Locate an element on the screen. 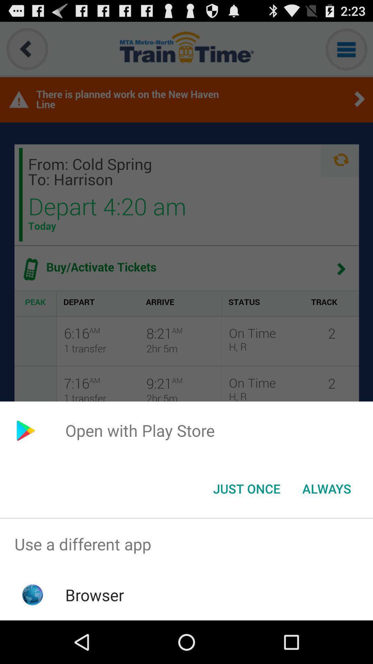  the always icon is located at coordinates (326, 488).